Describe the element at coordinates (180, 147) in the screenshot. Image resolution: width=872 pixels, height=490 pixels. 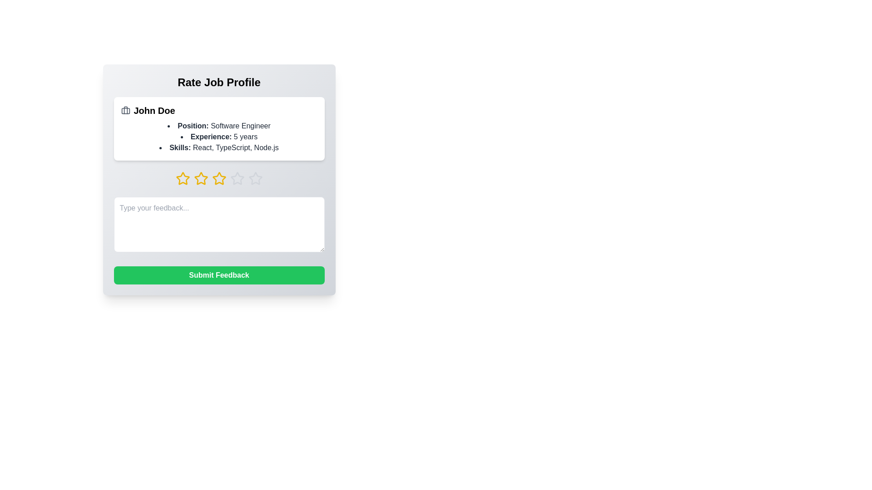
I see `the 'Skills:' text label, which is a bold heading located in the user information panel, below 'Position' and 'Experience.'` at that location.